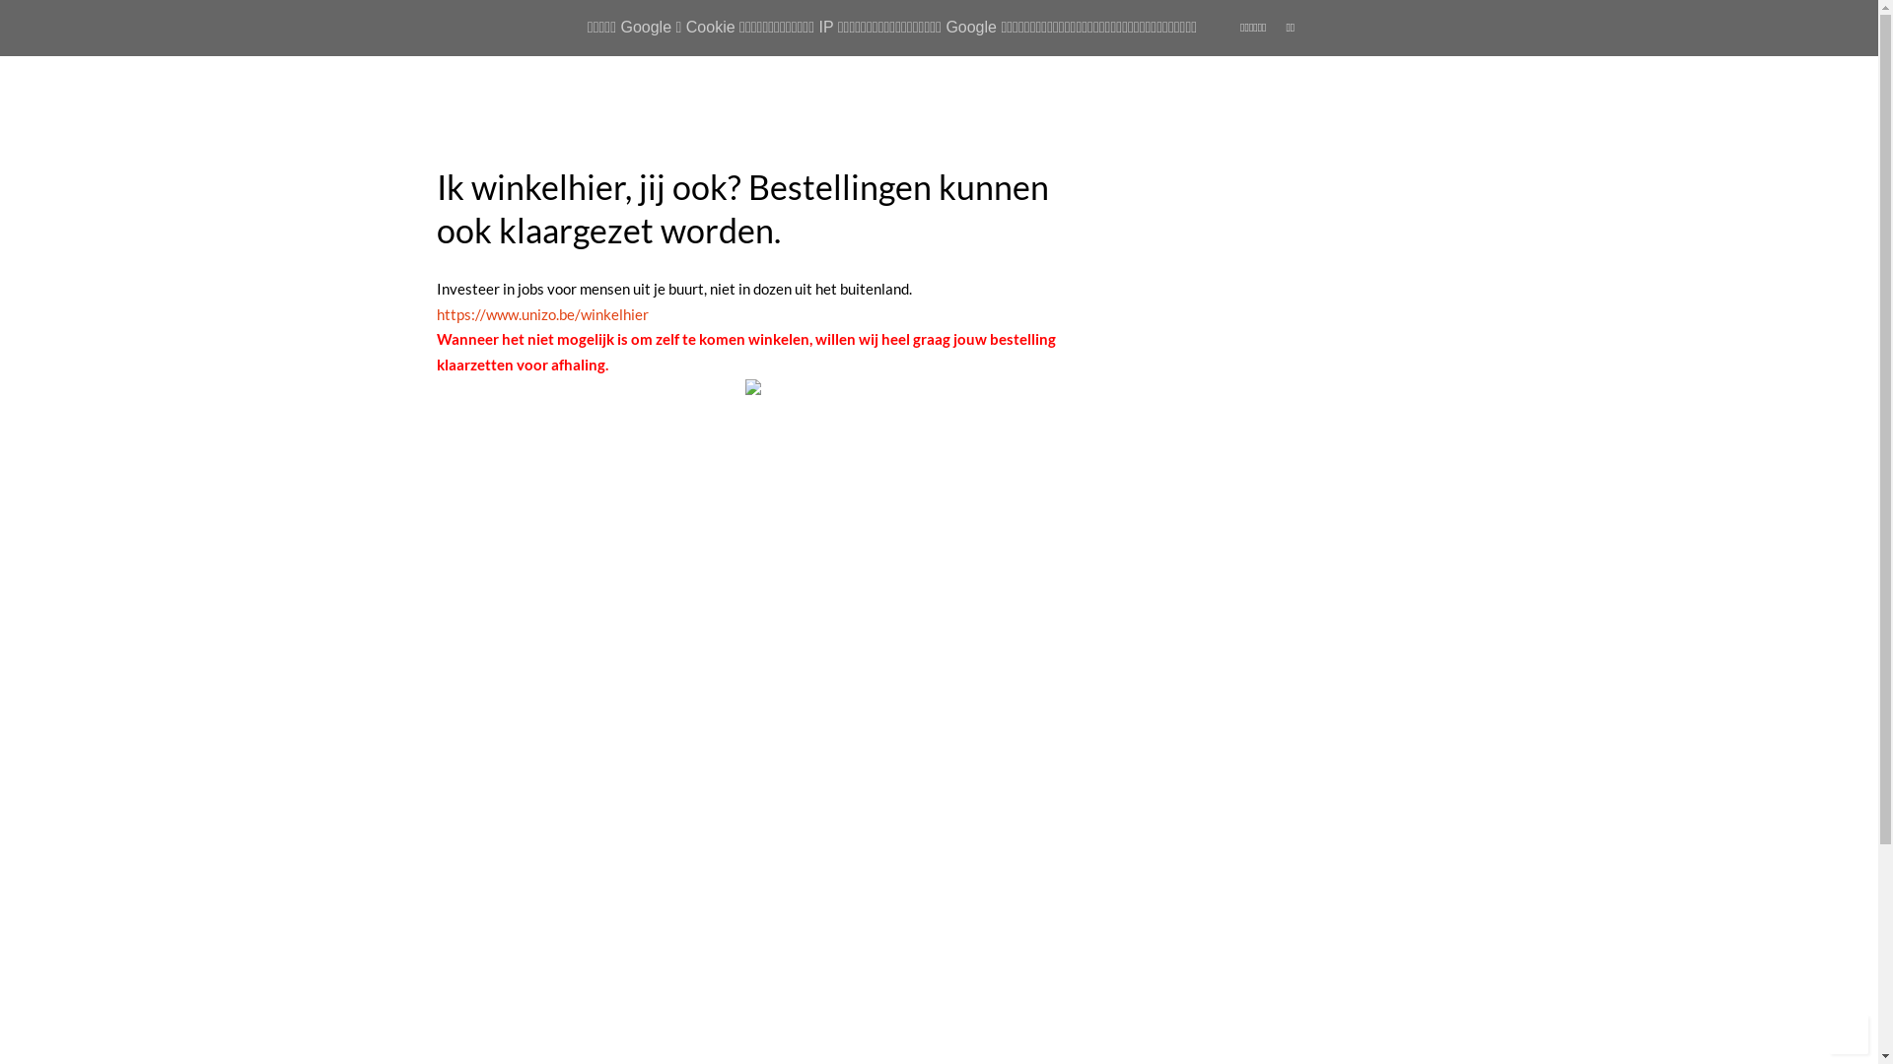  Describe the element at coordinates (541, 313) in the screenshot. I see `'https://www.unizo.be/winkelhier'` at that location.